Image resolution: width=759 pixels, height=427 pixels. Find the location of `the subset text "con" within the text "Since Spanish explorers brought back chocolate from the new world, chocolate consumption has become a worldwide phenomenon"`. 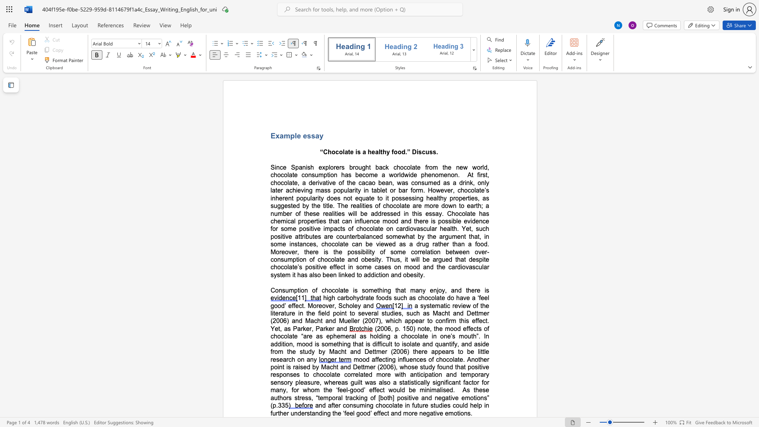

the subset text "con" within the text "Since Spanish explorers brought back chocolate from the new world, chocolate consumption has become a worldwide phenomenon" is located at coordinates (301, 174).